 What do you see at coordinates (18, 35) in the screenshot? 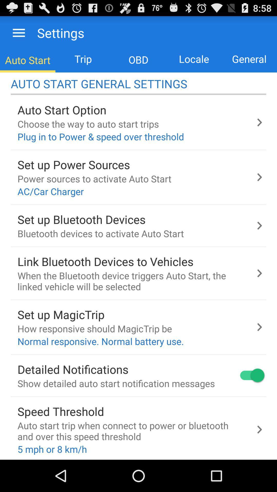
I see `the menu icon` at bounding box center [18, 35].